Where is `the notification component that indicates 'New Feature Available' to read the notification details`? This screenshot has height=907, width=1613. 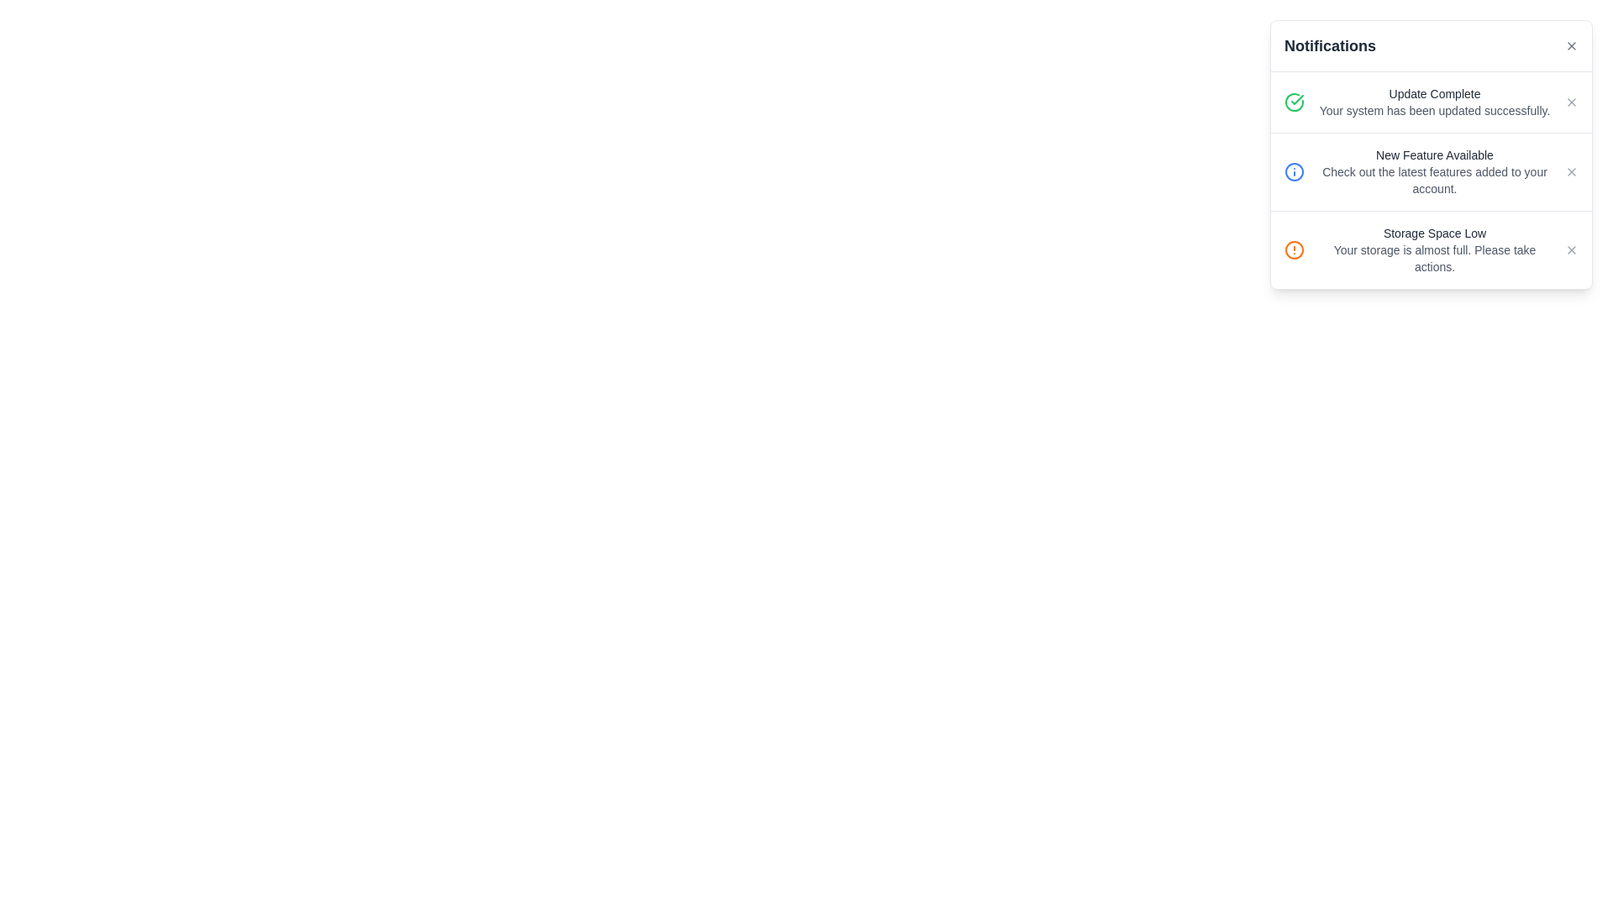 the notification component that indicates 'New Feature Available' to read the notification details is located at coordinates (1431, 171).